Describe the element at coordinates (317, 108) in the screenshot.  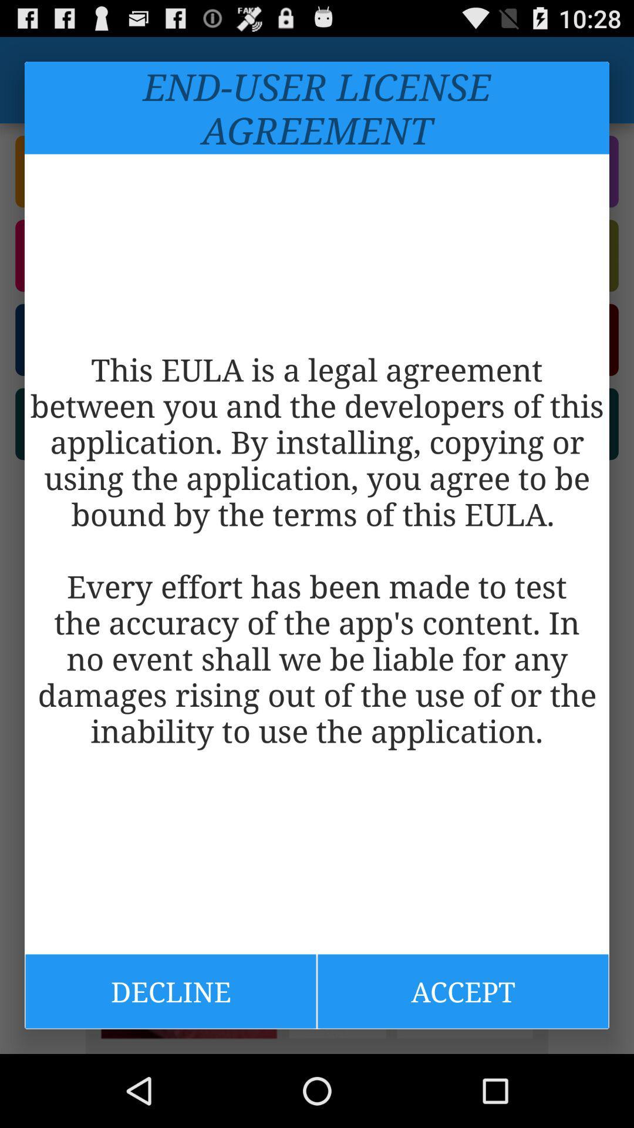
I see `icon at the top` at that location.